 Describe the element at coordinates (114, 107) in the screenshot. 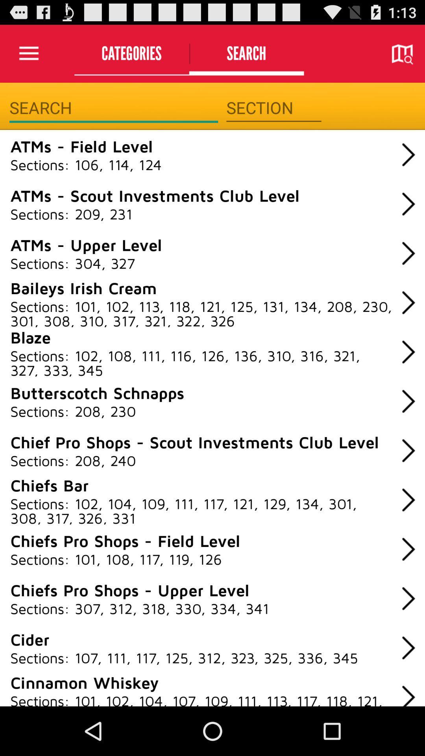

I see `search box` at that location.